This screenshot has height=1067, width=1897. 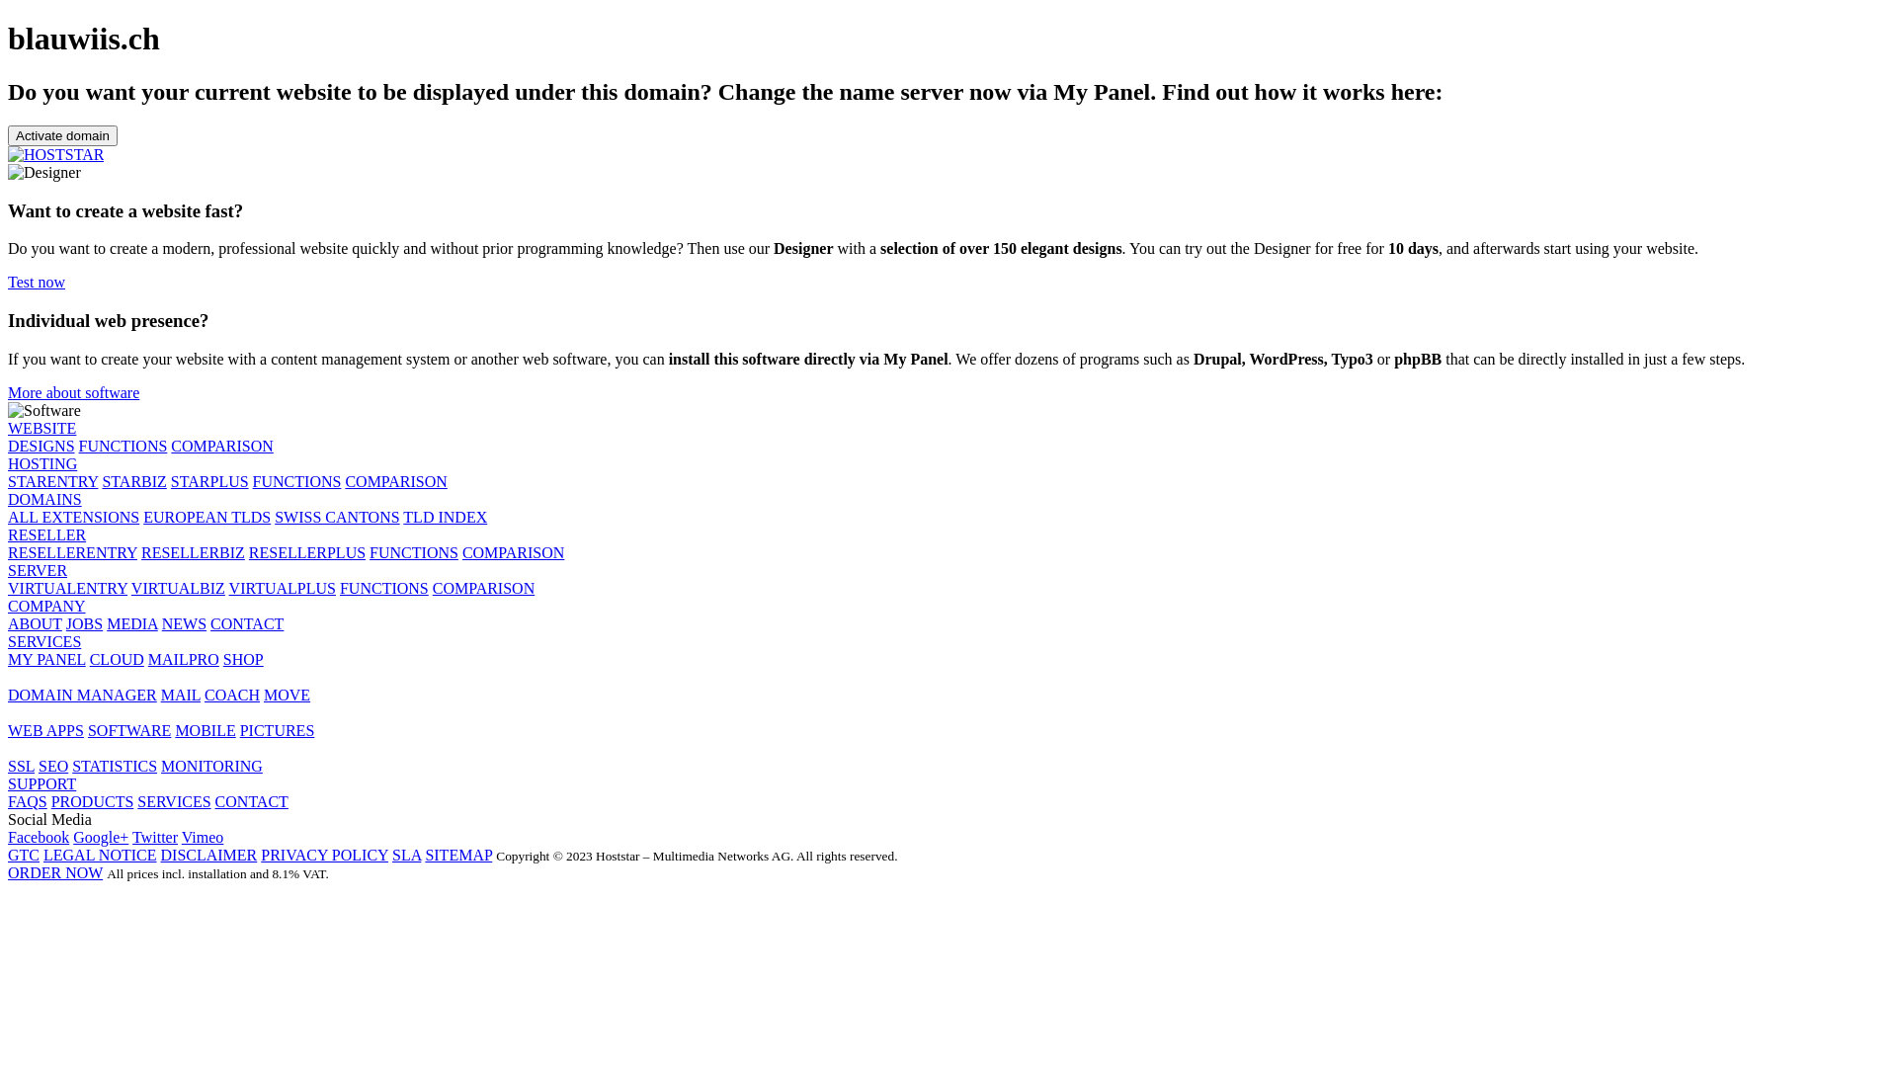 What do you see at coordinates (72, 837) in the screenshot?
I see `'Google+'` at bounding box center [72, 837].